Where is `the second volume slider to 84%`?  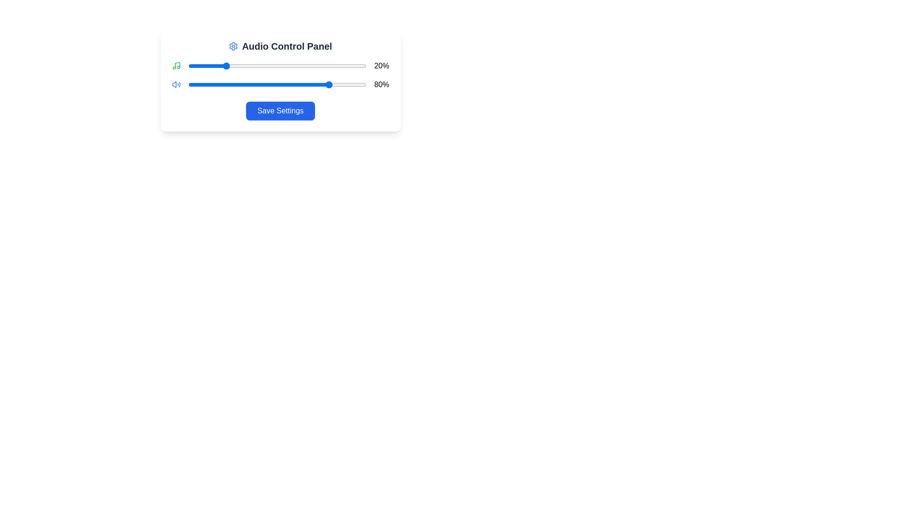 the second volume slider to 84% is located at coordinates (337, 85).